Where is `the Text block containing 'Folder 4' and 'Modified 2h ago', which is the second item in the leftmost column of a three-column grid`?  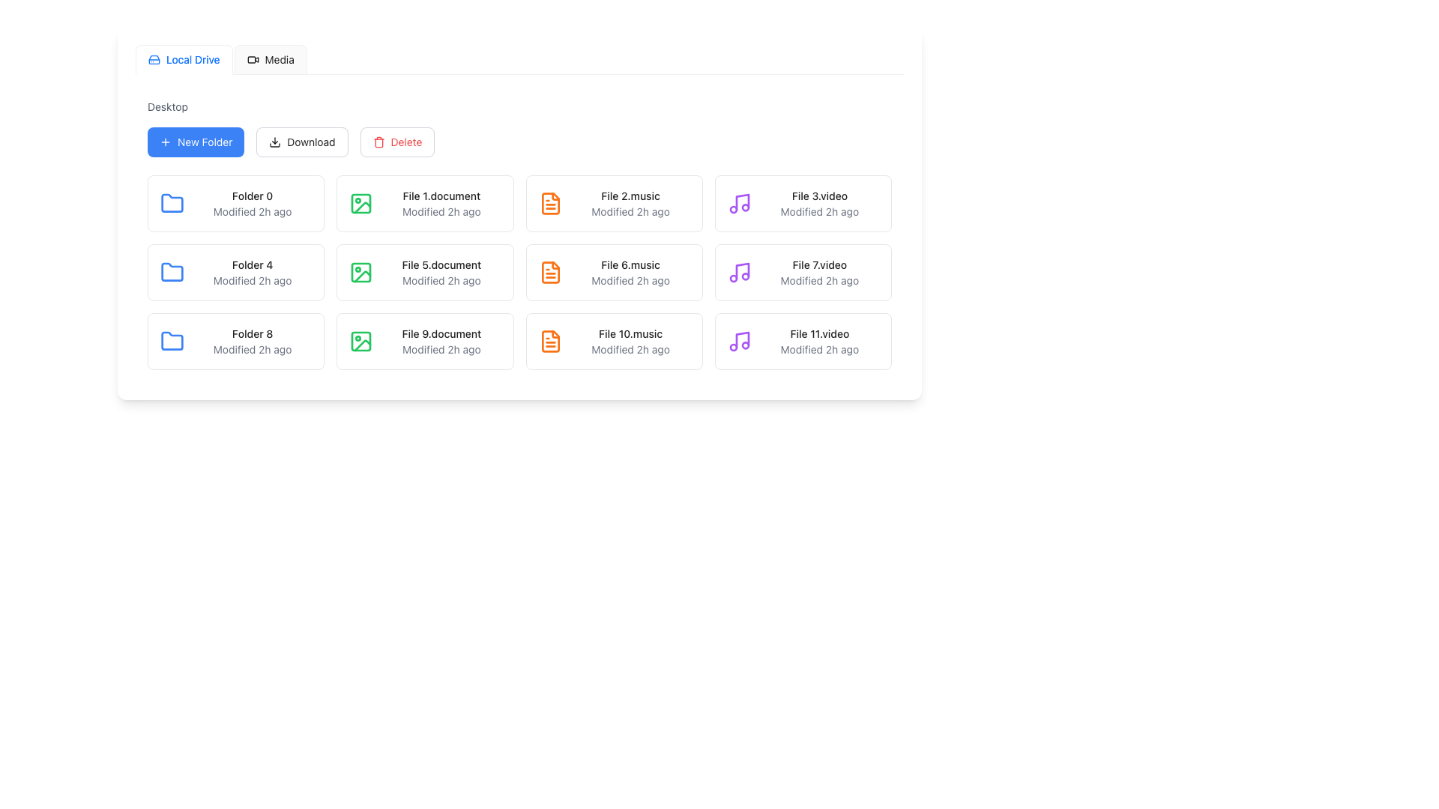
the Text block containing 'Folder 4' and 'Modified 2h ago', which is the second item in the leftmost column of a three-column grid is located at coordinates (253, 272).